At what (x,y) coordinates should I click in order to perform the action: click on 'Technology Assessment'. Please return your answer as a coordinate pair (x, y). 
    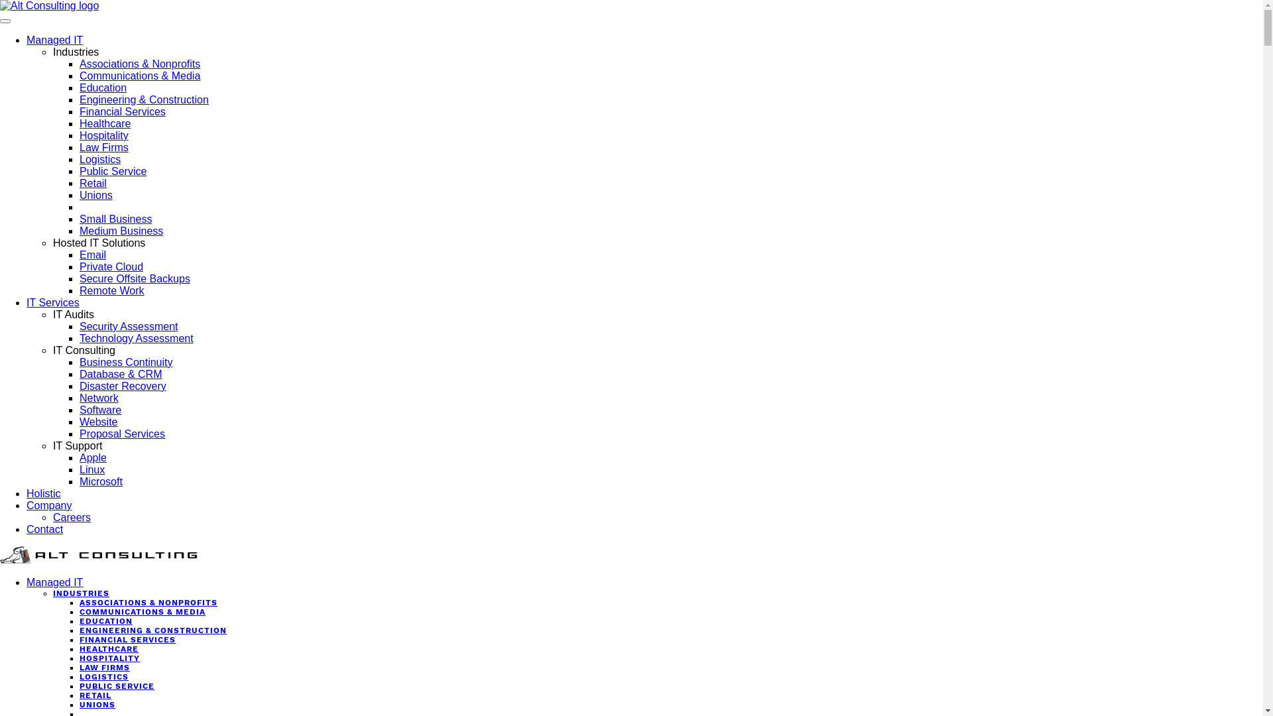
    Looking at the image, I should click on (137, 337).